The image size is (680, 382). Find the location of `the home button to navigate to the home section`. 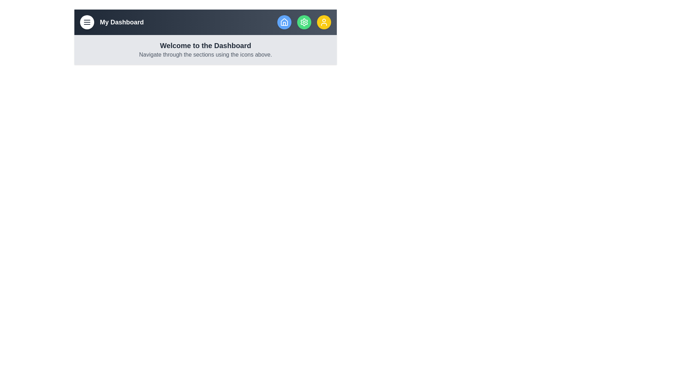

the home button to navigate to the home section is located at coordinates (284, 22).